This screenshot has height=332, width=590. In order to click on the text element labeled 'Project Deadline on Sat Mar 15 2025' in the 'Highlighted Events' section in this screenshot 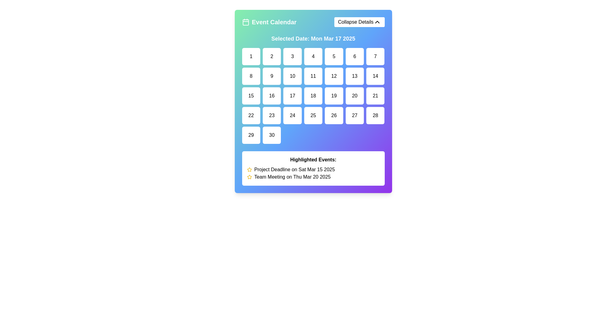, I will do `click(313, 169)`.